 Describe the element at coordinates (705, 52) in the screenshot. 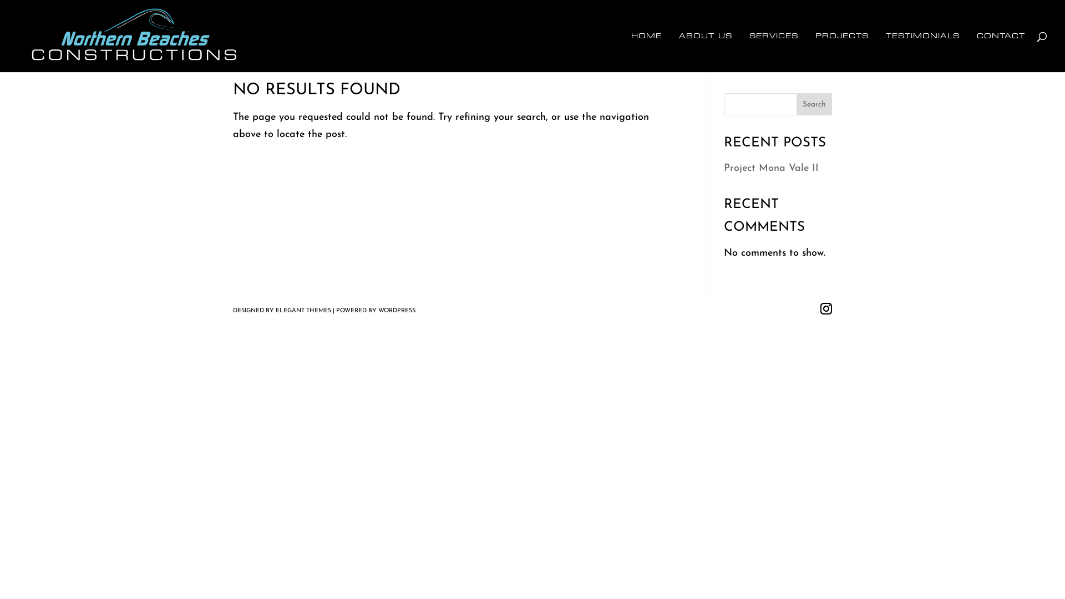

I see `'ABOUT US'` at that location.